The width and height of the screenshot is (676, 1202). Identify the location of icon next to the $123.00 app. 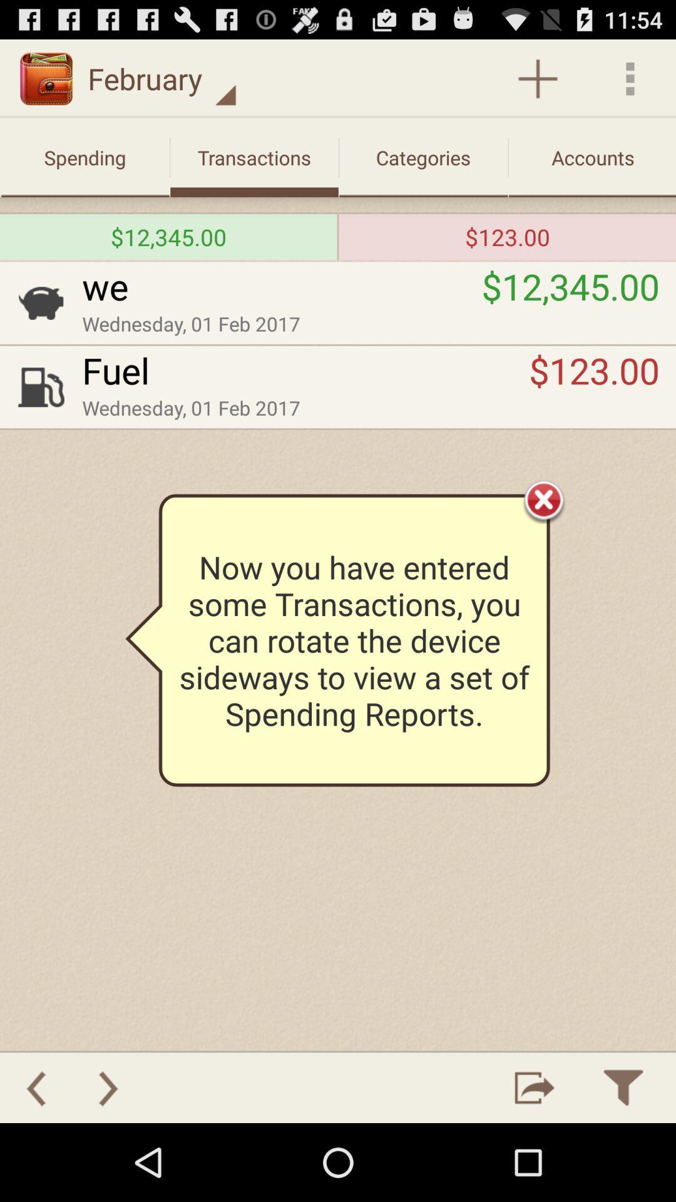
(338, 237).